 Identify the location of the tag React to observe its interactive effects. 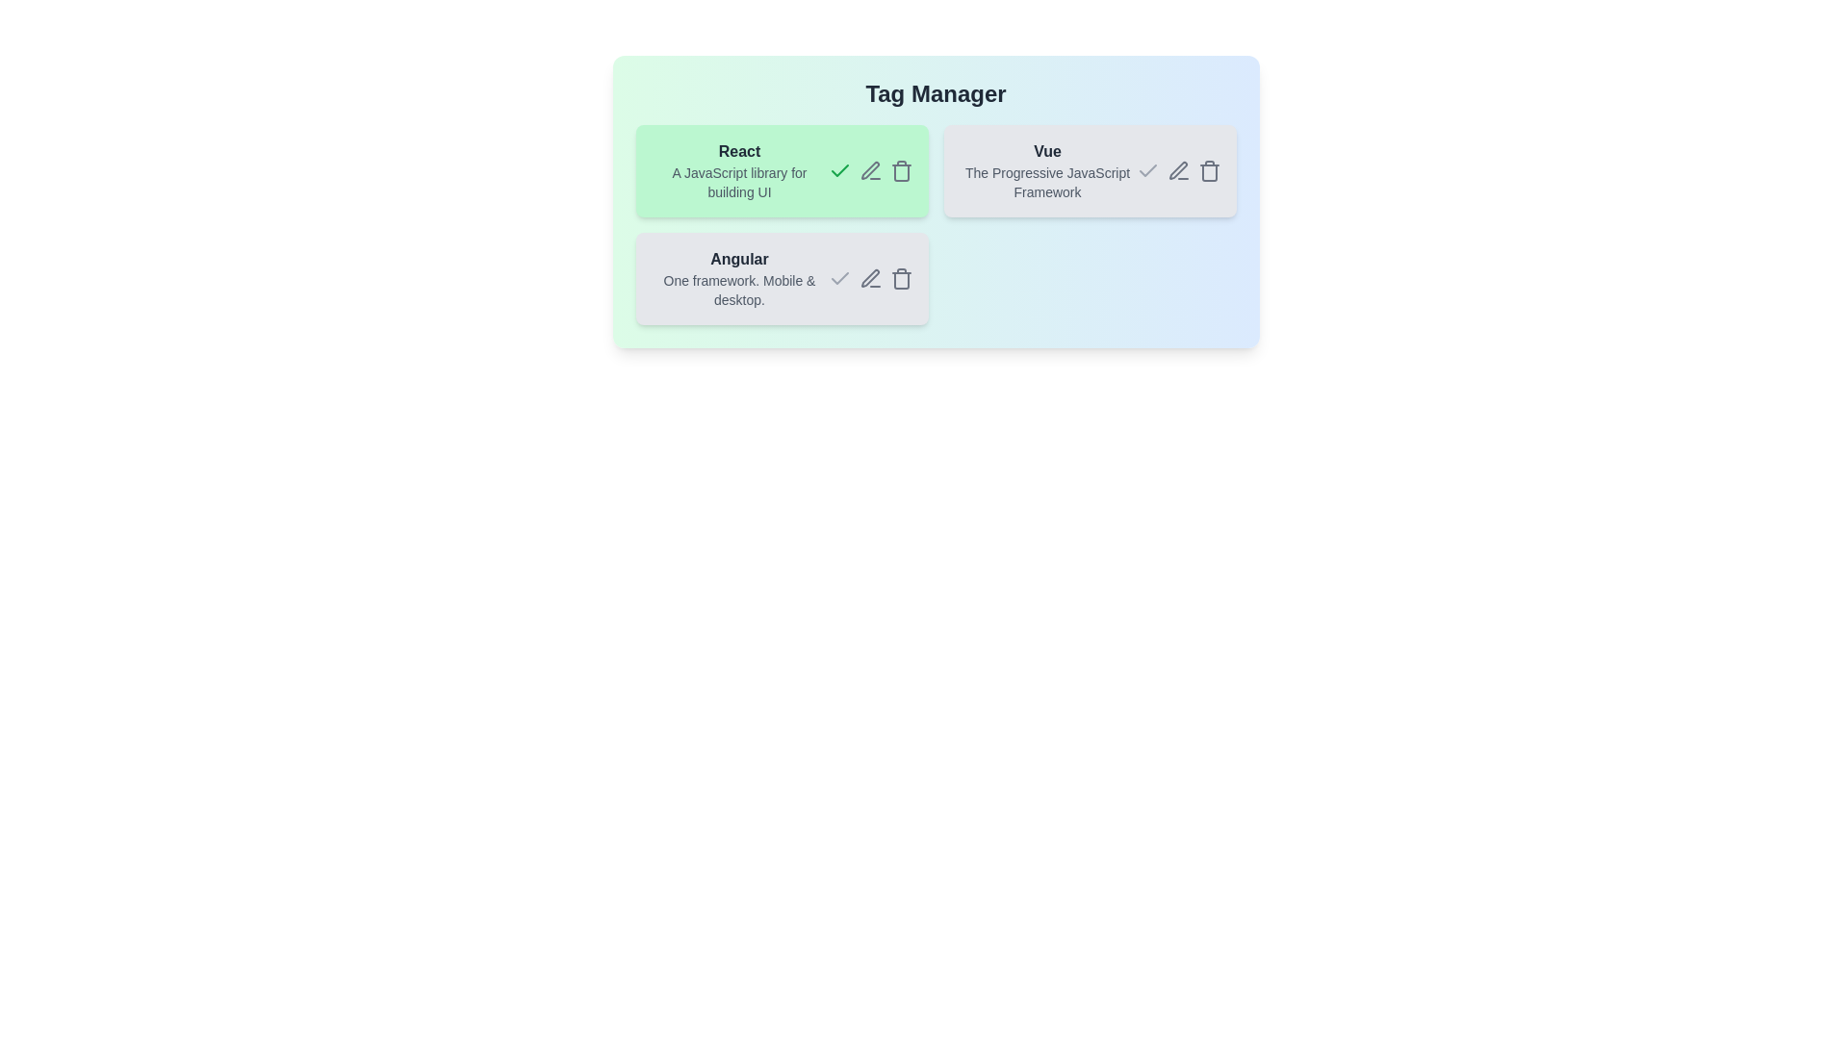
(738, 169).